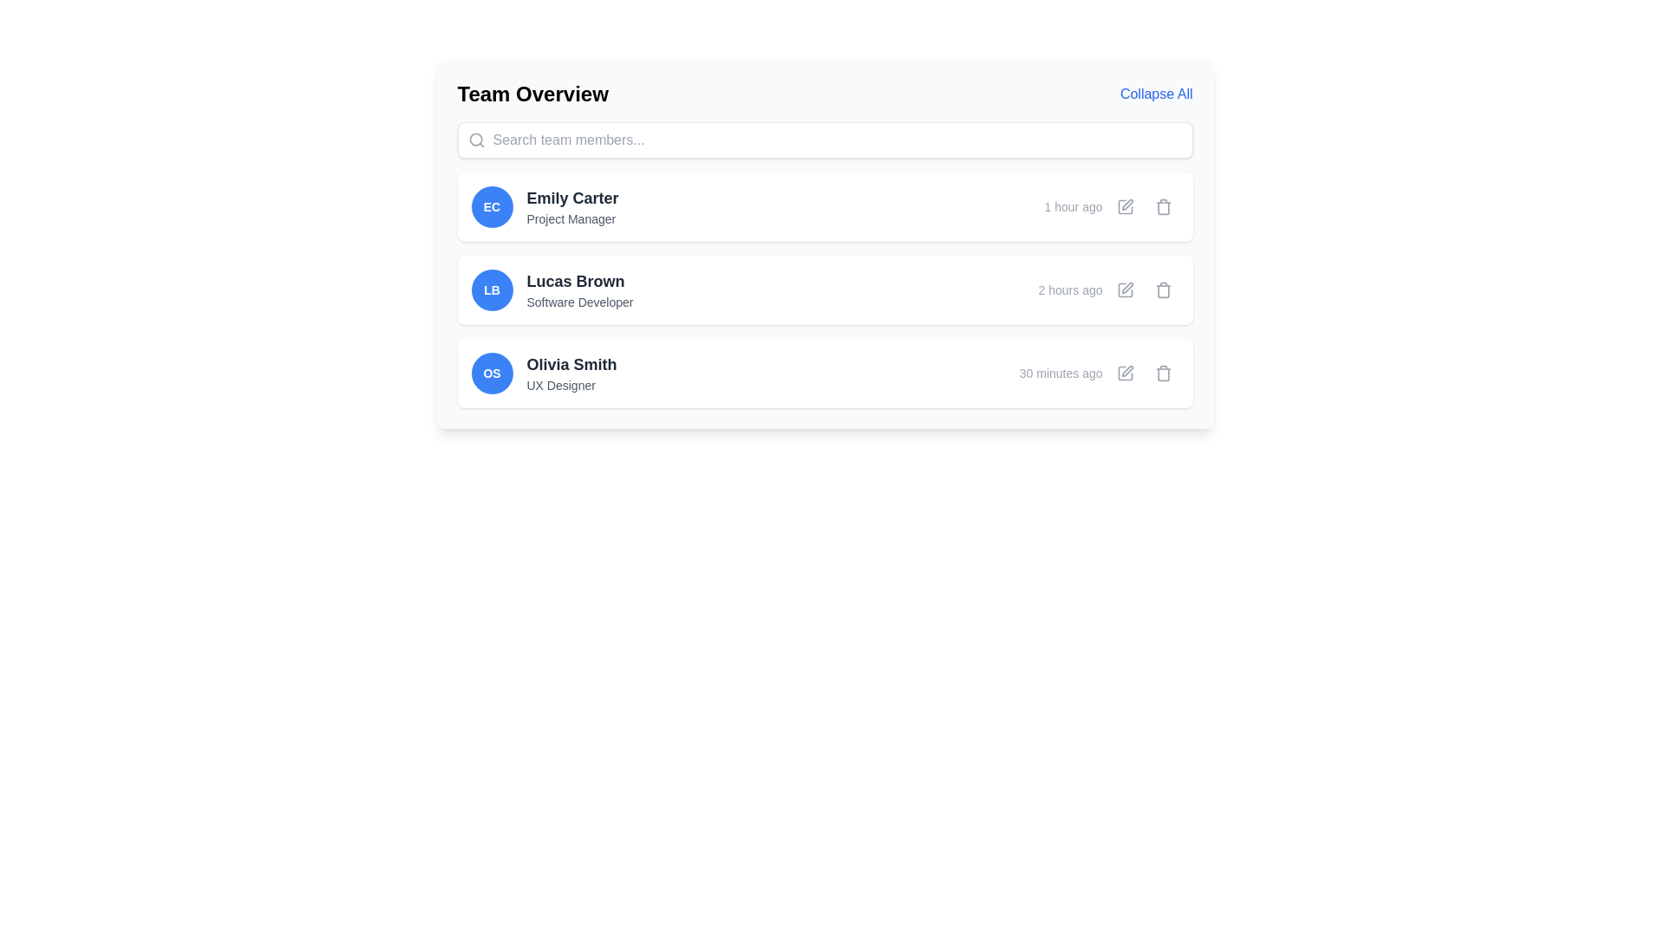 The image size is (1665, 936). Describe the element at coordinates (572, 218) in the screenshot. I see `the static text label displaying 'Project Manager', which is styled in gray and positioned below 'Emily Carter' in the team members list` at that location.